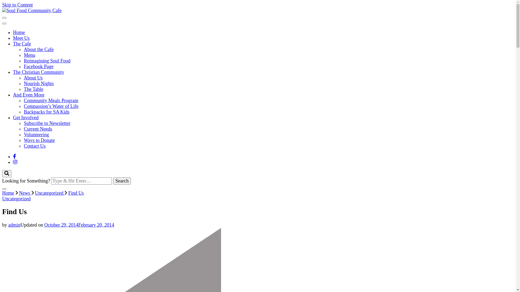 This screenshot has height=292, width=520. I want to click on 'The Christian Community', so click(38, 72).